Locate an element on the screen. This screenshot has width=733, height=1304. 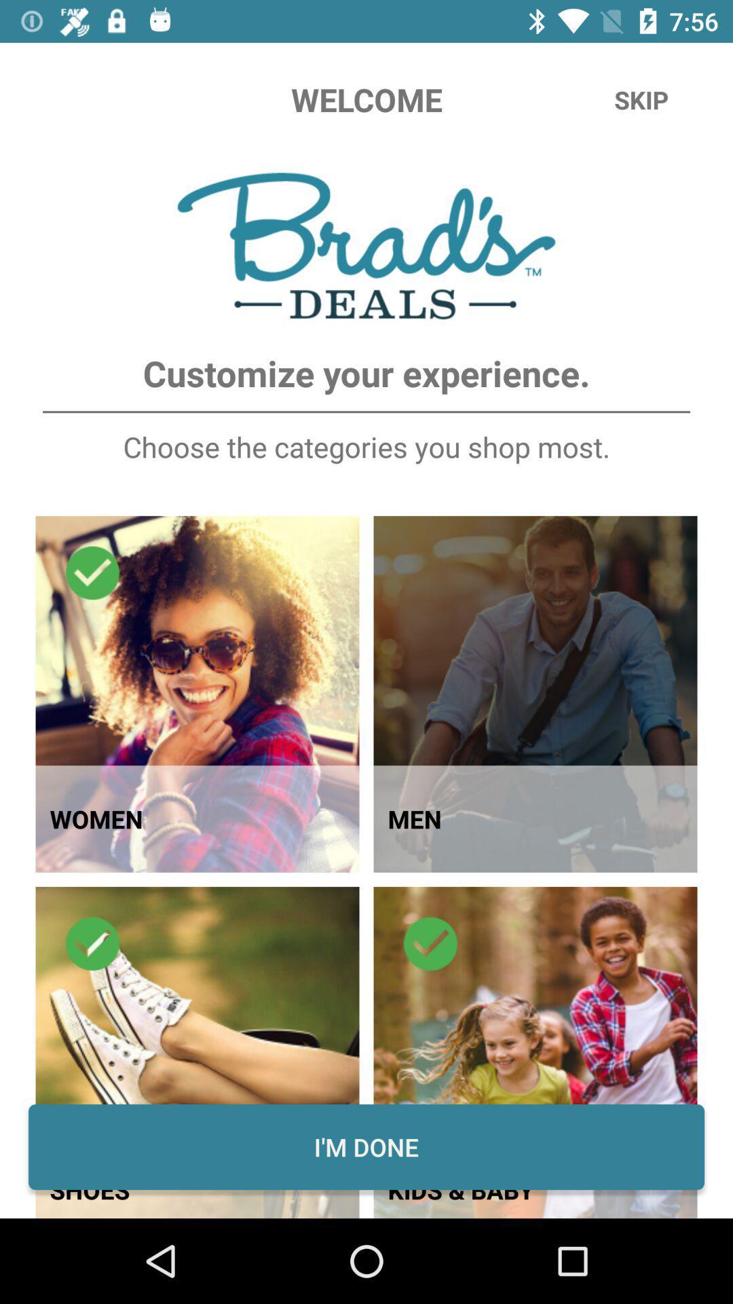
tick in second row first option is located at coordinates (92, 943).